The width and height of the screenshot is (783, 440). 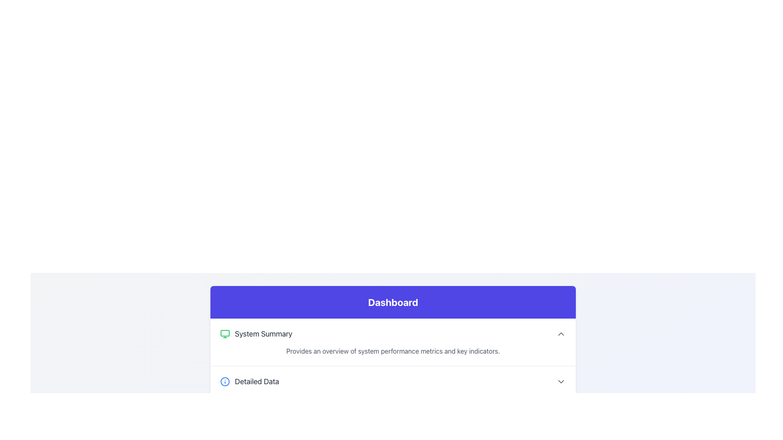 I want to click on the Interactive Dropdown Trigger located in the Dashboard section, so click(x=393, y=382).